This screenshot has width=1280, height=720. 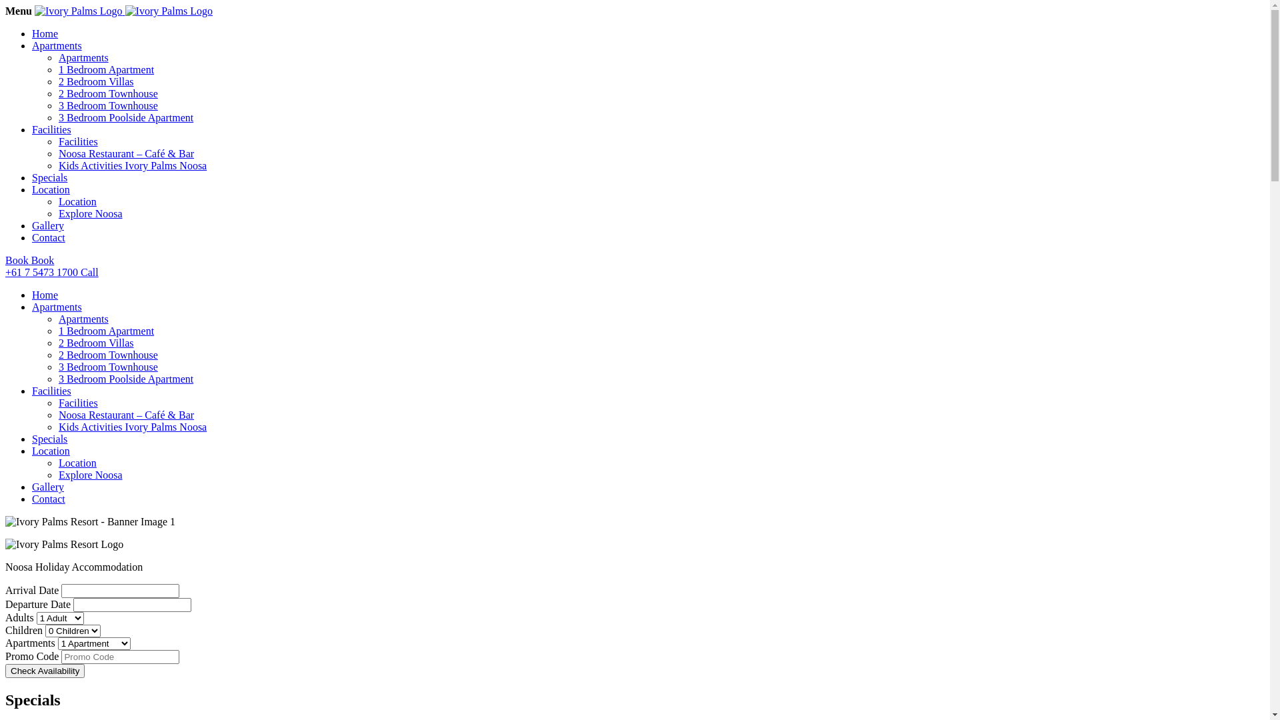 What do you see at coordinates (56, 45) in the screenshot?
I see `'Apartments'` at bounding box center [56, 45].